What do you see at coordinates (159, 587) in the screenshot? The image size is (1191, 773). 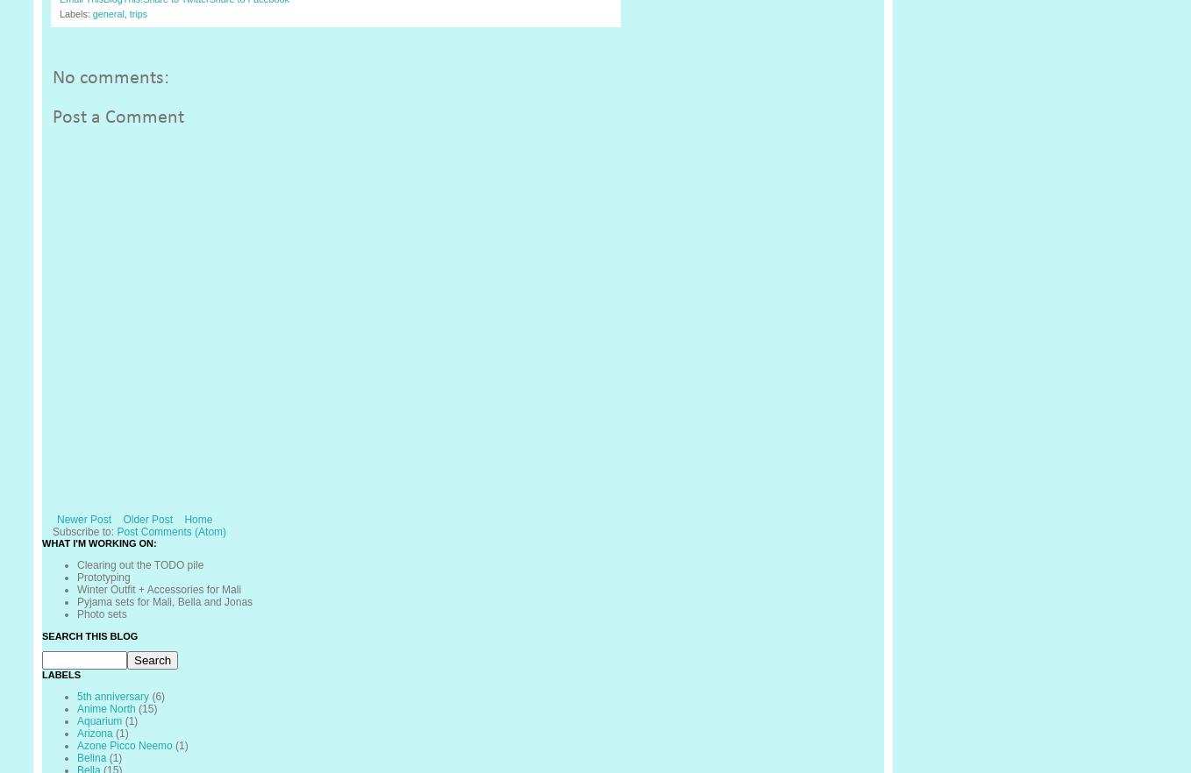 I see `'Winter Outfit + Accessories for Mali'` at bounding box center [159, 587].